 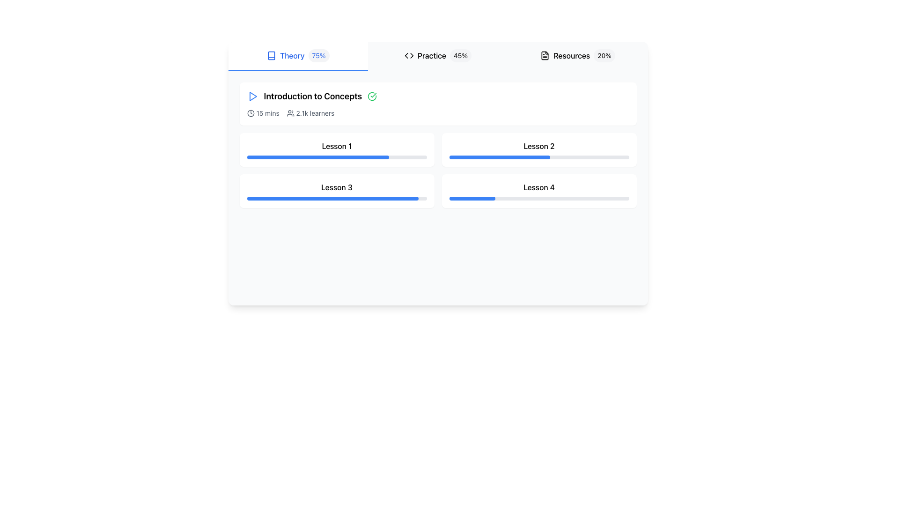 What do you see at coordinates (571, 56) in the screenshot?
I see `the static text label reading 'Resources' located in the top navigation area, positioned to the right of the 'Practice' section and next to a document icon` at bounding box center [571, 56].